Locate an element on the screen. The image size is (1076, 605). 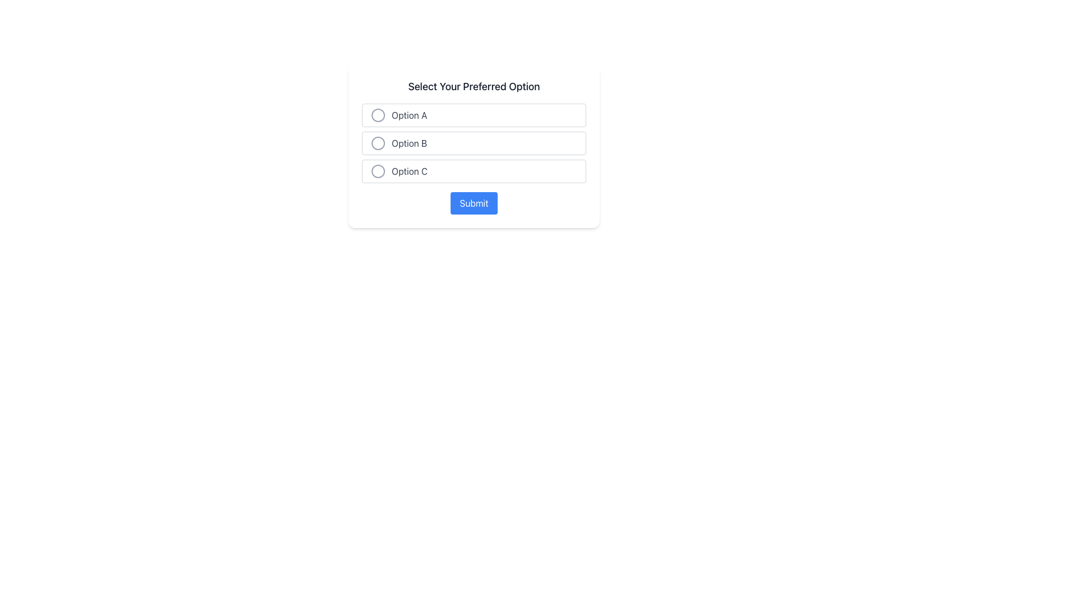
the radio button for 'Option C' is located at coordinates (378, 171).